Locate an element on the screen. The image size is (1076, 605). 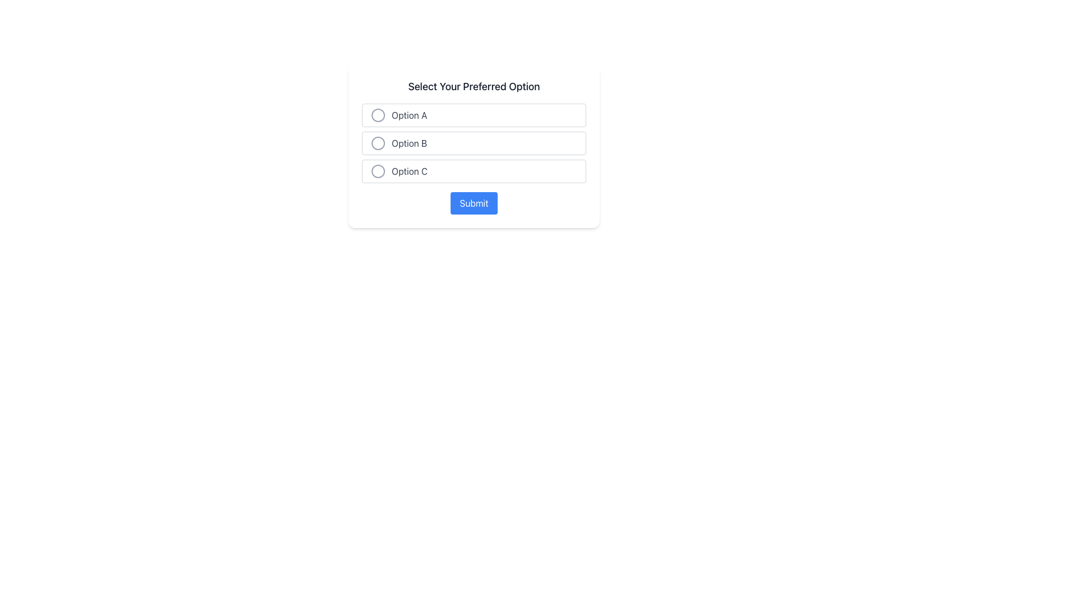
the radio button for 'Option C' is located at coordinates (378, 171).